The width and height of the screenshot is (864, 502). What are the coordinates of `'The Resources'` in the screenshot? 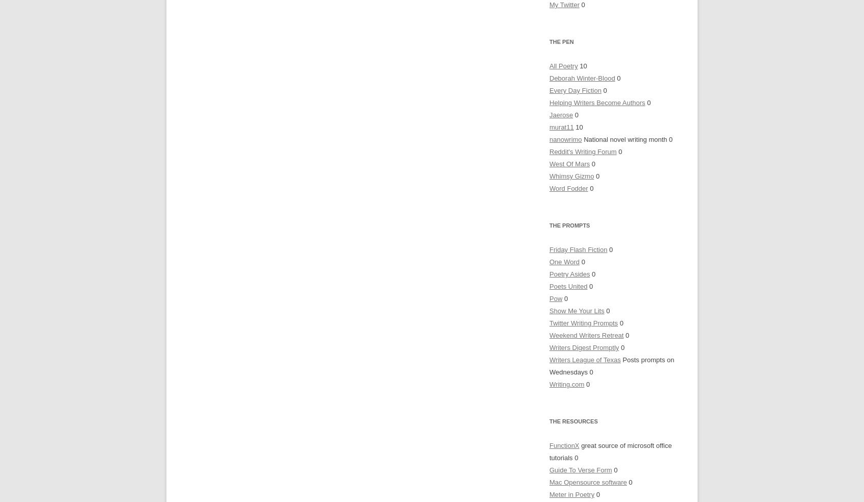 It's located at (573, 420).